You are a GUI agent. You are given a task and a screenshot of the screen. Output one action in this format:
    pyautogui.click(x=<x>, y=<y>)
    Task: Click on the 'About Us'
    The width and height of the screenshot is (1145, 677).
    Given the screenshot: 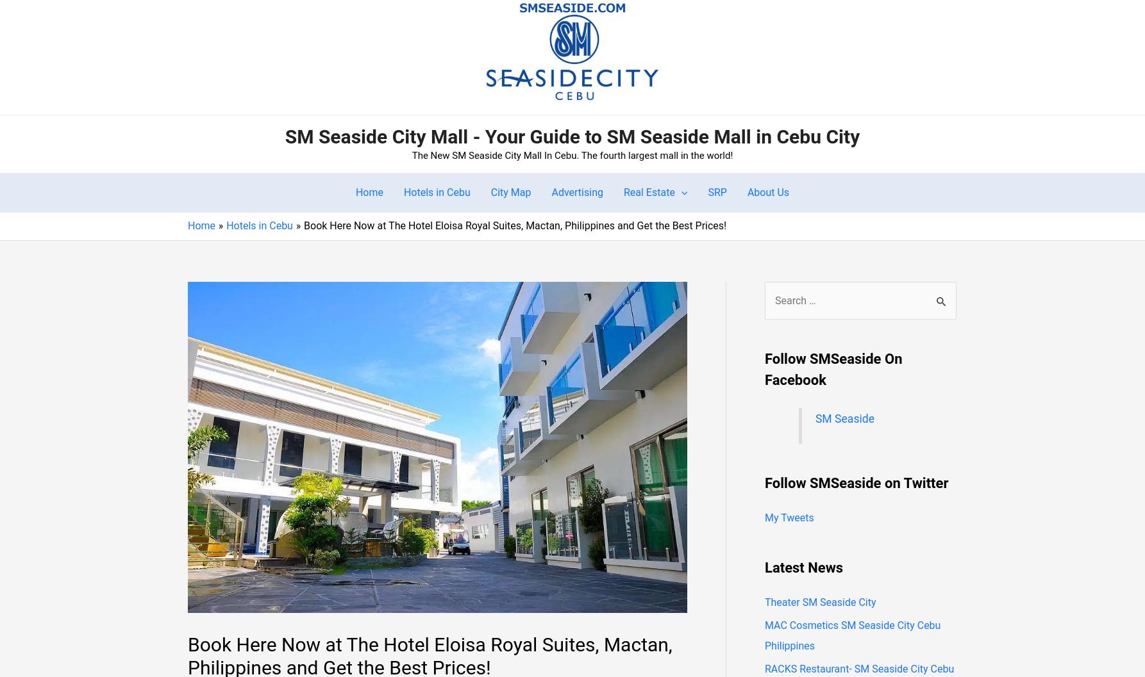 What is the action you would take?
    pyautogui.click(x=768, y=192)
    